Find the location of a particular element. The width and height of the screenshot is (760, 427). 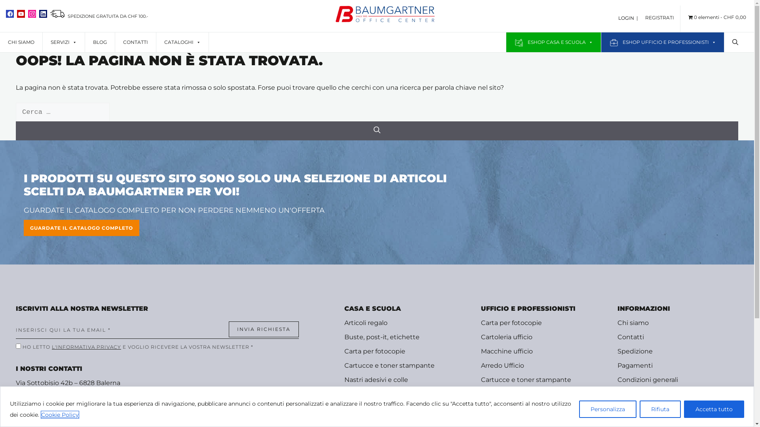

'Buste, post-it, etichette' is located at coordinates (382, 337).